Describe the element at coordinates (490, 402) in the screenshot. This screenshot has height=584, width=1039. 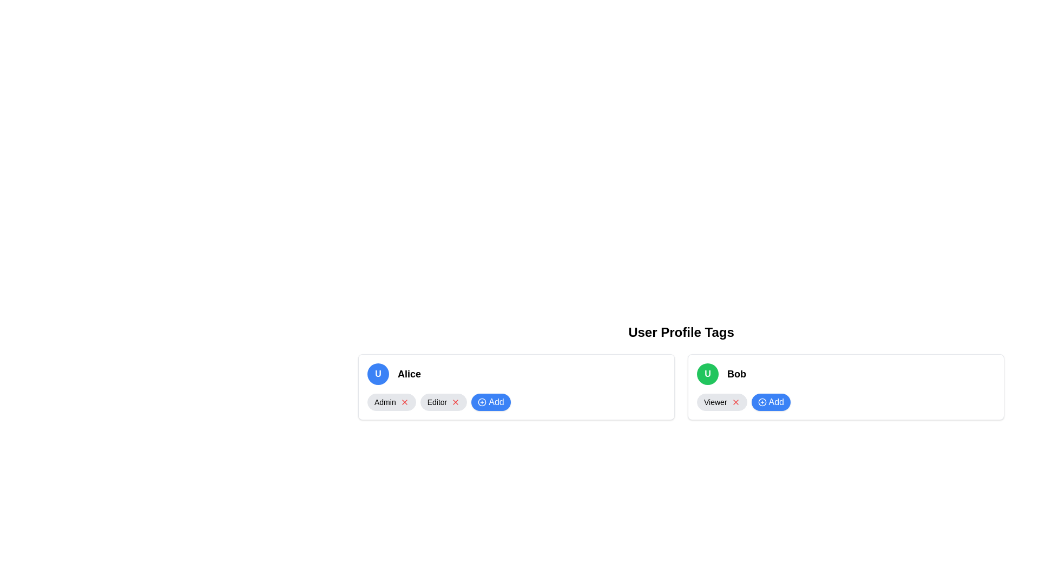
I see `the button used to add a new tag or role for the user 'Alice'` at that location.